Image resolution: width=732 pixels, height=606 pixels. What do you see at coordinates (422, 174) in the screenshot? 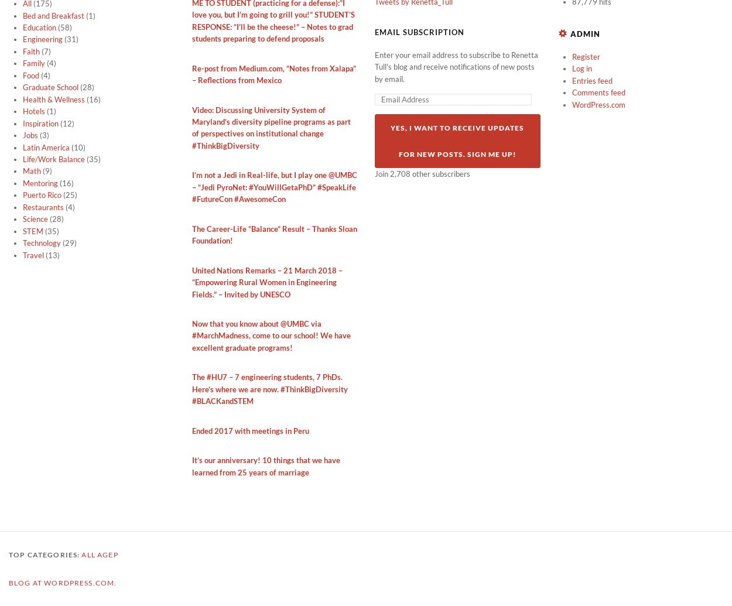
I see `'Join 2,708 other subscribers'` at bounding box center [422, 174].